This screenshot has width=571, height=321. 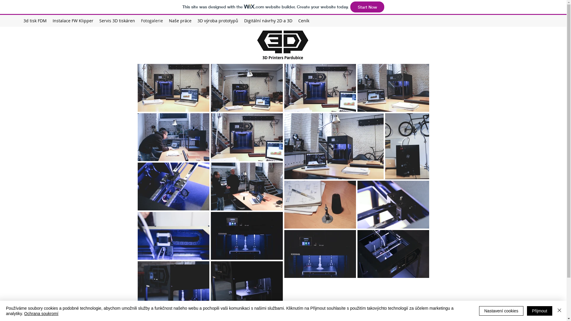 What do you see at coordinates (152, 20) in the screenshot?
I see `'Fotogalerie'` at bounding box center [152, 20].